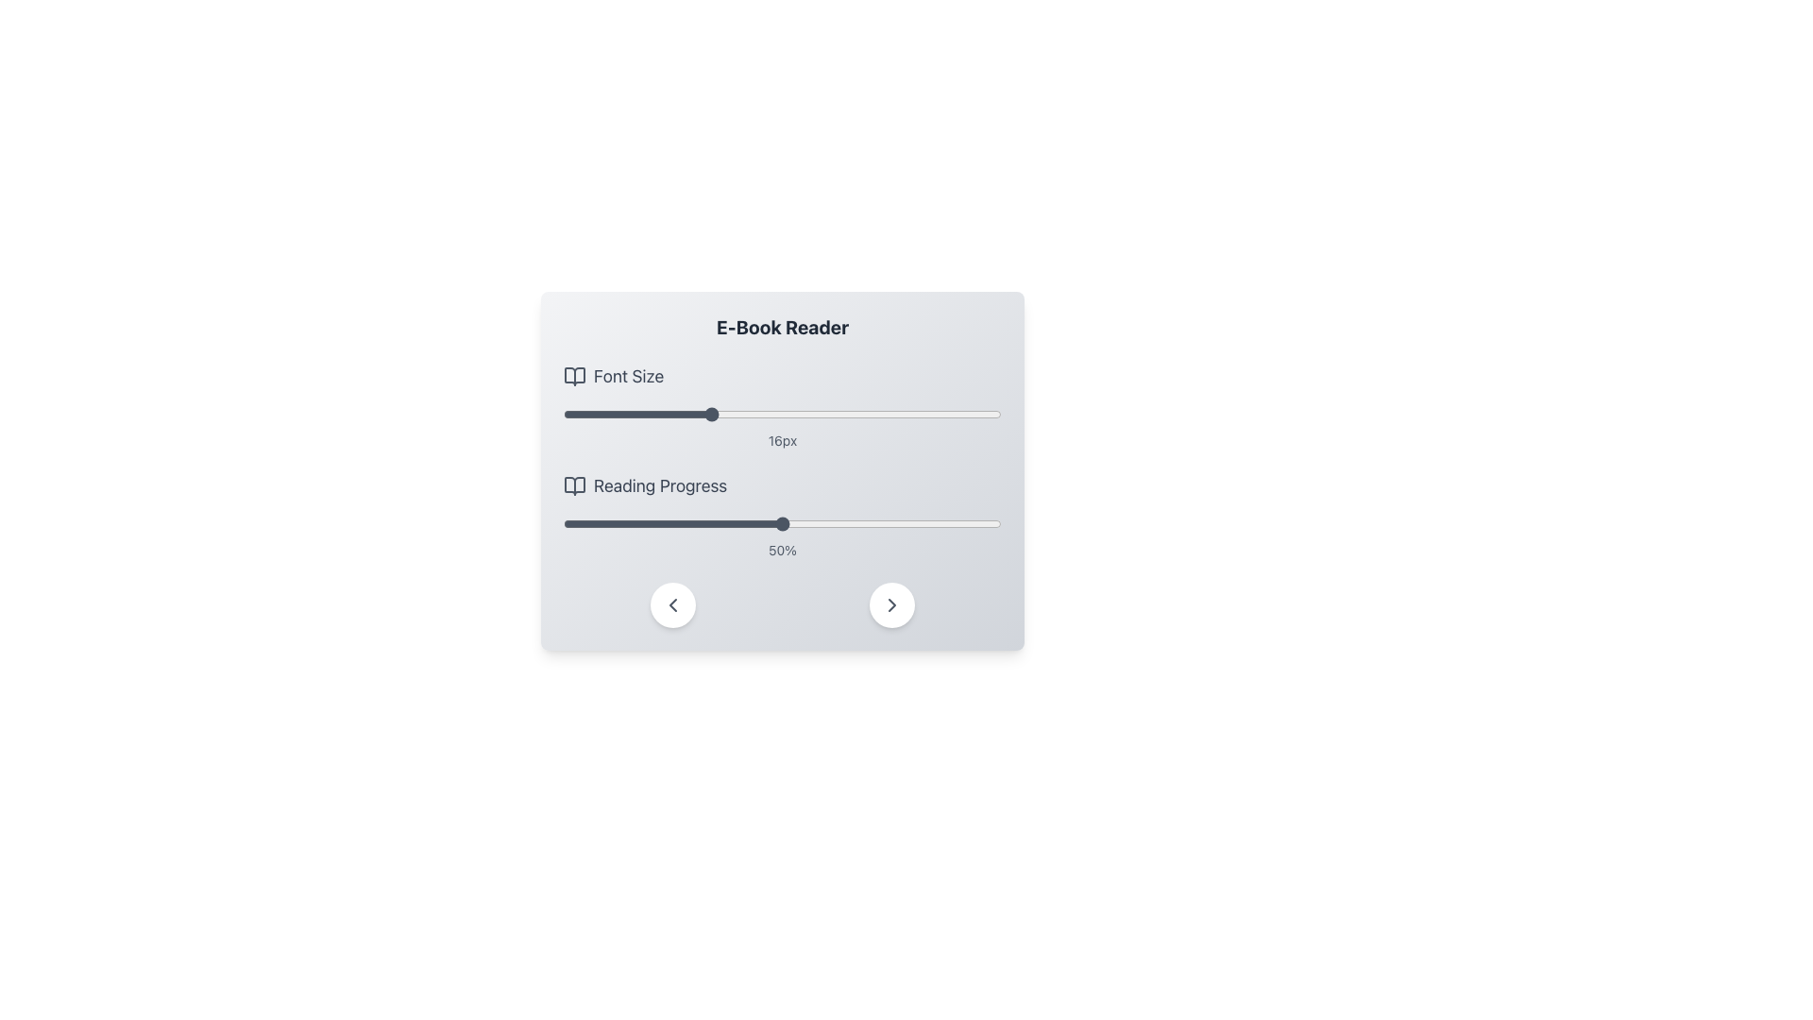 The width and height of the screenshot is (1813, 1020). Describe the element at coordinates (988, 524) in the screenshot. I see `the reading progress` at that location.